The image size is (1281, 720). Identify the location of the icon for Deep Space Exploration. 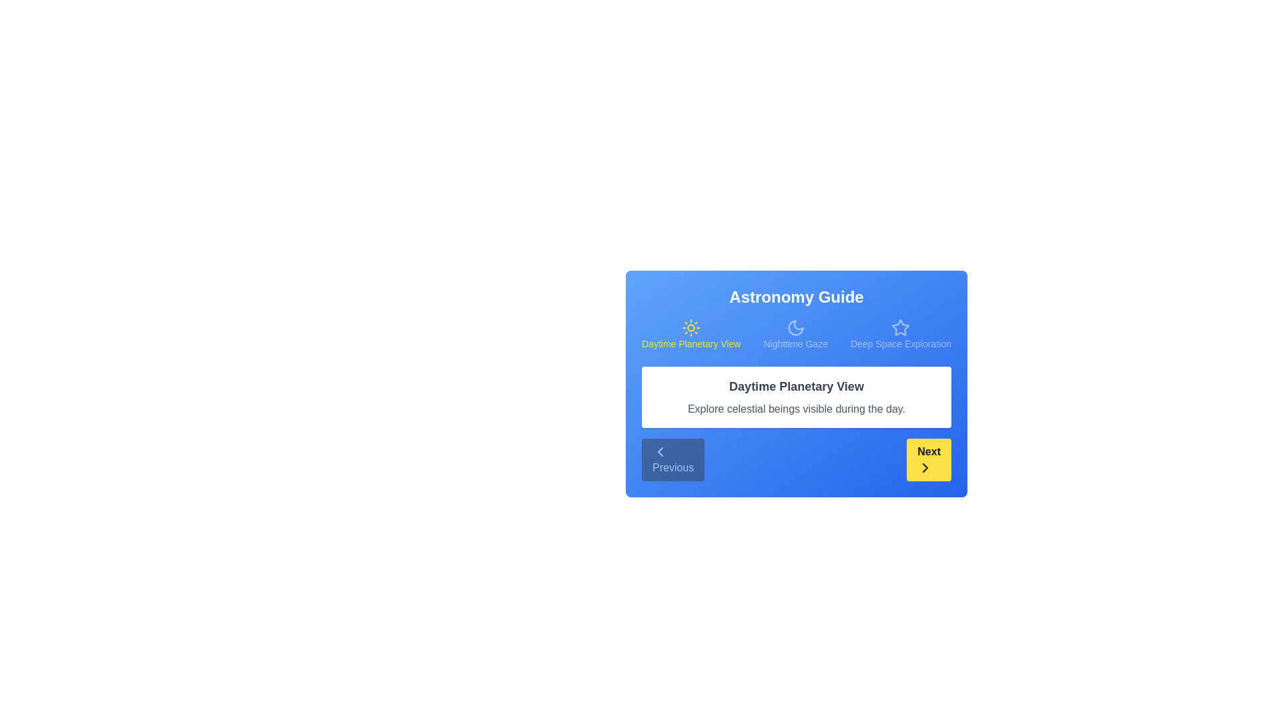
(900, 328).